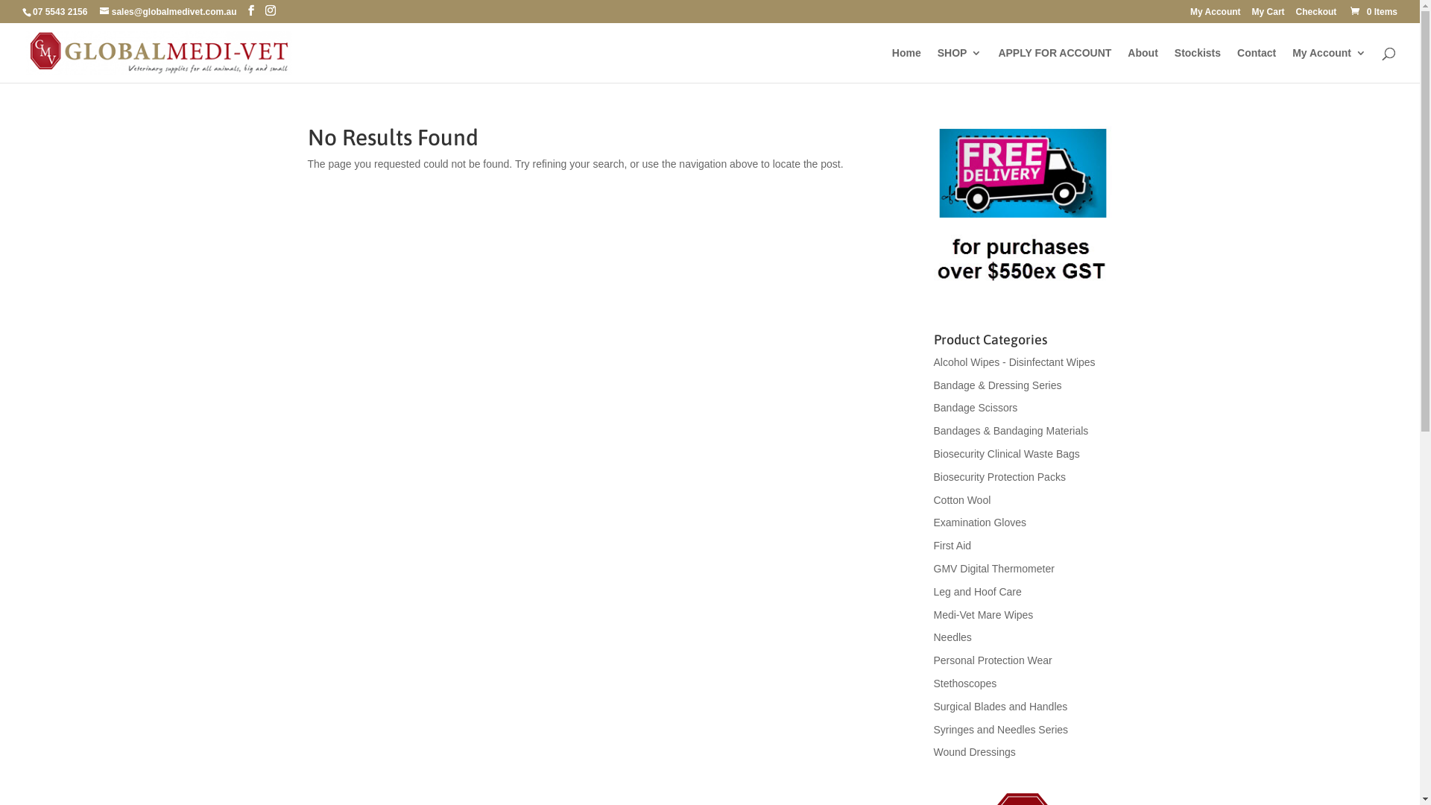 The width and height of the screenshot is (1431, 805). What do you see at coordinates (1011, 431) in the screenshot?
I see `'Bandages & Bandaging Materials'` at bounding box center [1011, 431].